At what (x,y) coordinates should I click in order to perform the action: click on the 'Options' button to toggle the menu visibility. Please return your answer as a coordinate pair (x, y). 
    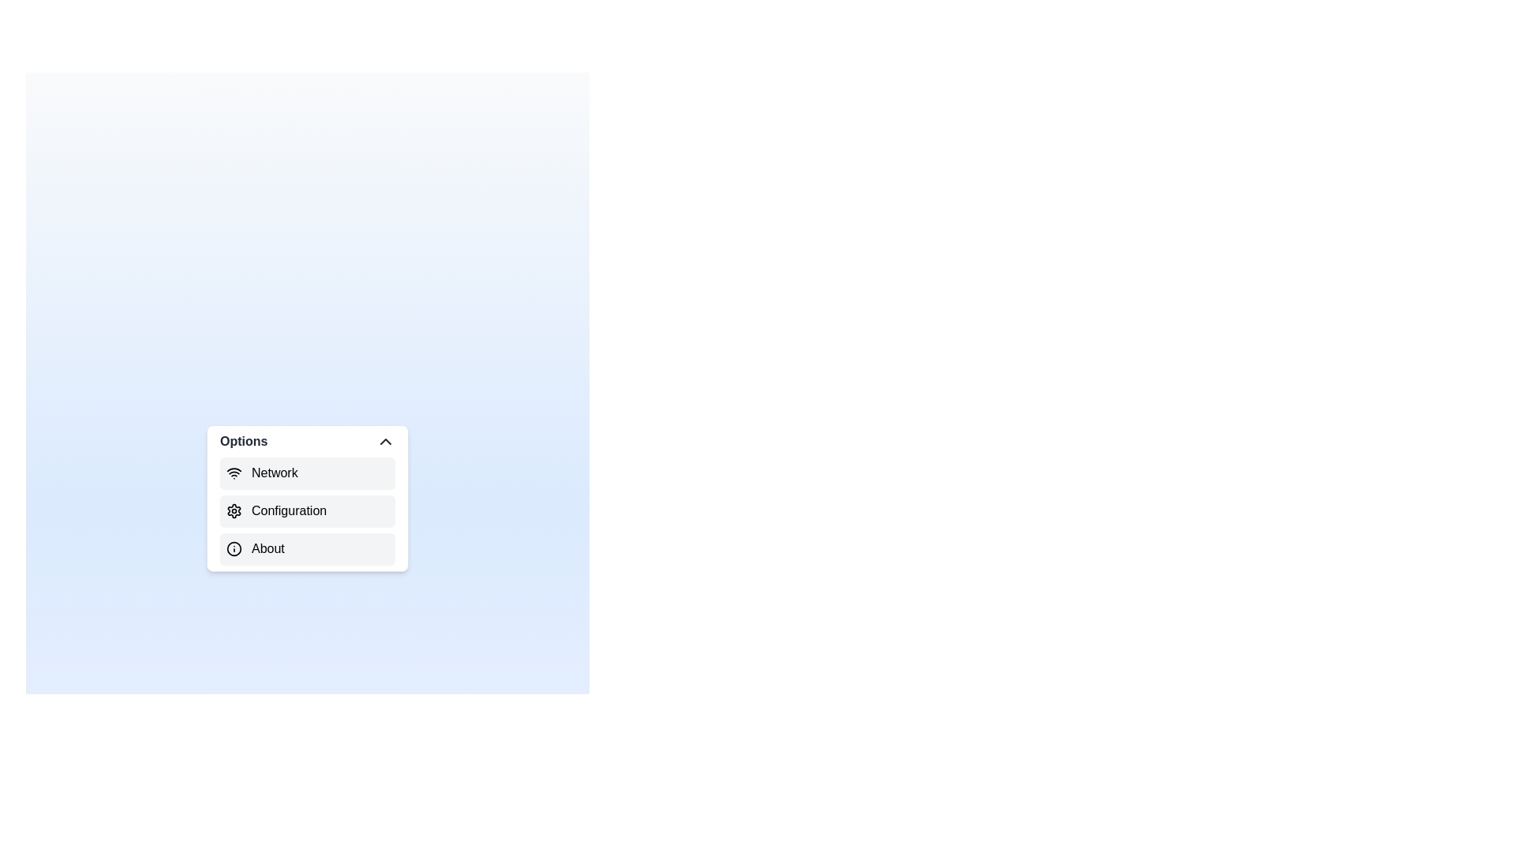
    Looking at the image, I should click on (307, 441).